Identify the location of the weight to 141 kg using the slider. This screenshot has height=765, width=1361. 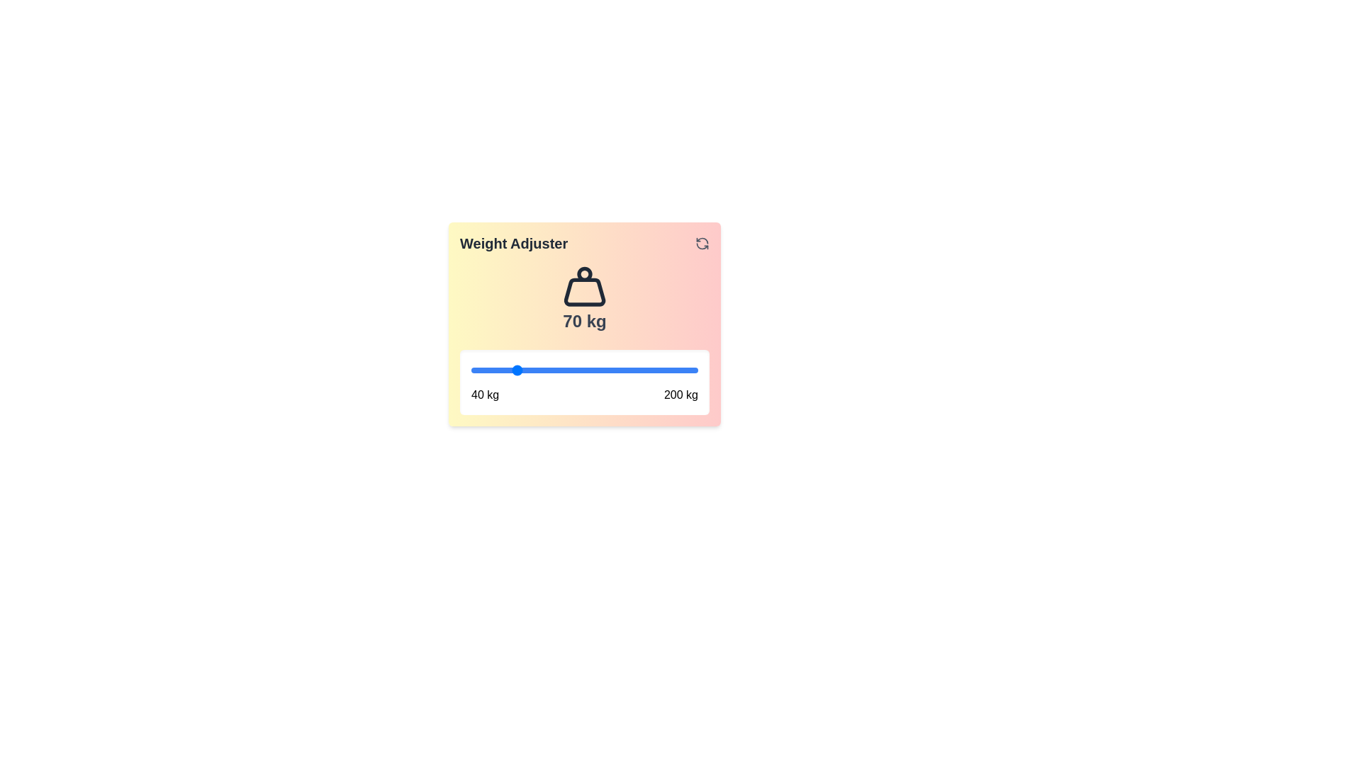
(615, 370).